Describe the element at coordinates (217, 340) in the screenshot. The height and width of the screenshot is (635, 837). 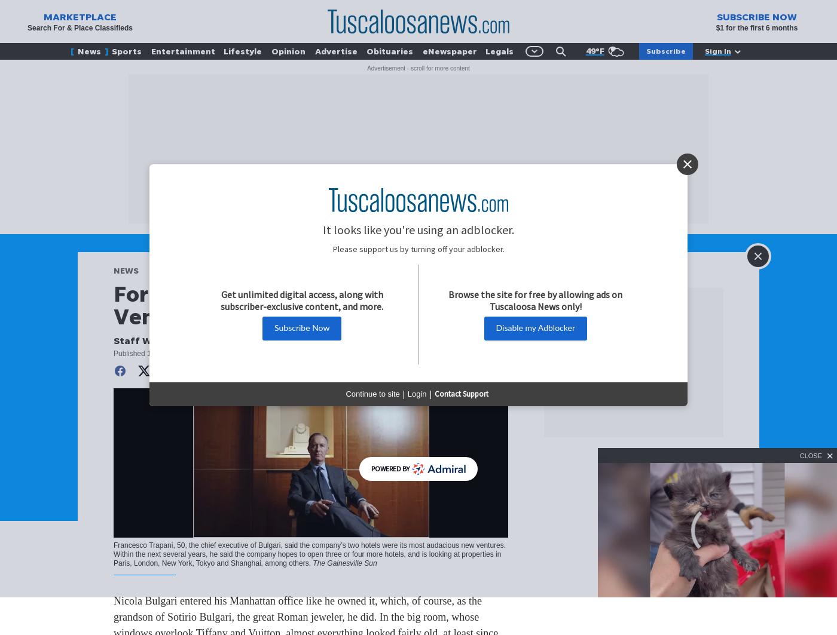
I see `'The Gainesville Sun'` at that location.